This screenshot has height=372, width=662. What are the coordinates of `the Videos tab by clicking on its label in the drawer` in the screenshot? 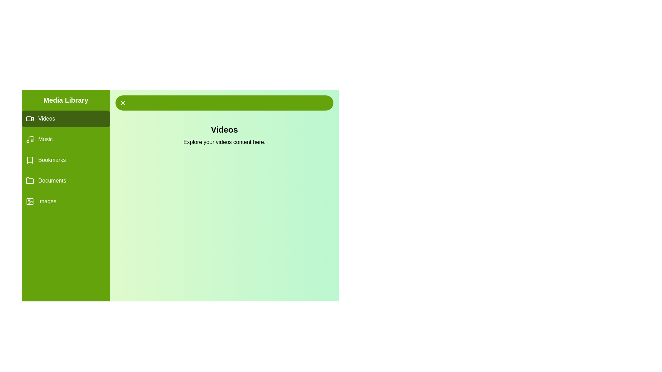 It's located at (66, 118).